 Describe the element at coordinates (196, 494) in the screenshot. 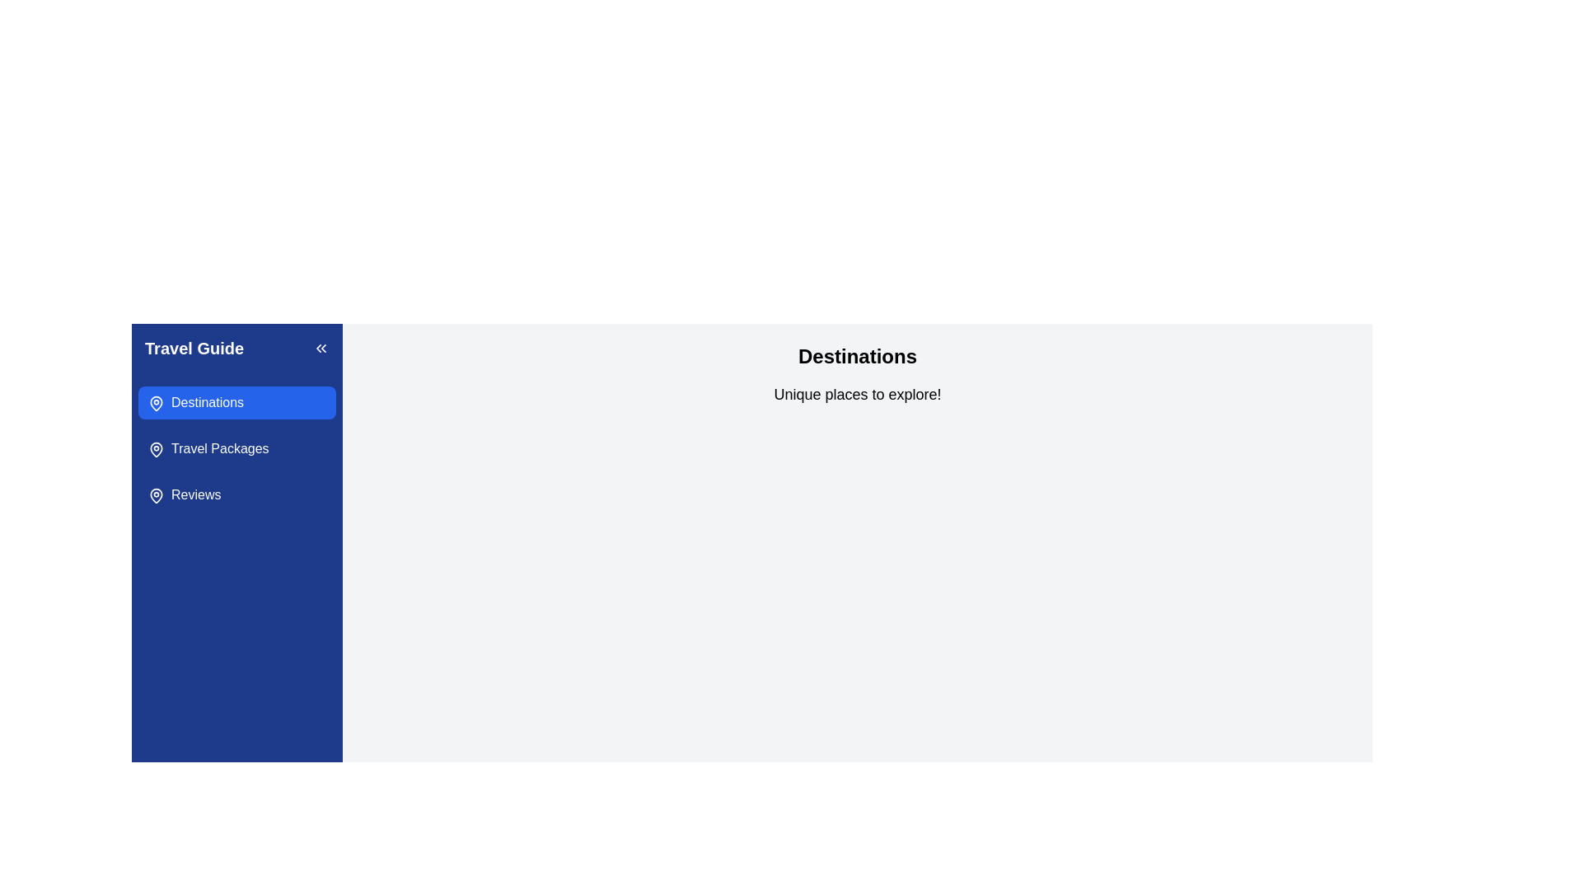

I see `text label 'Reviews' located in the sidebar navigation menu under 'Travel Guide', styled with white text on a blue background and adjacent to a pin icon` at that location.